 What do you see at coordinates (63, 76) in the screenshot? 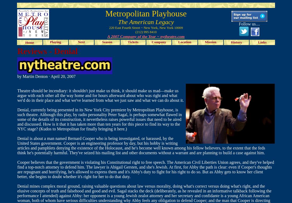
I see `'April 20,
2007'` at bounding box center [63, 76].